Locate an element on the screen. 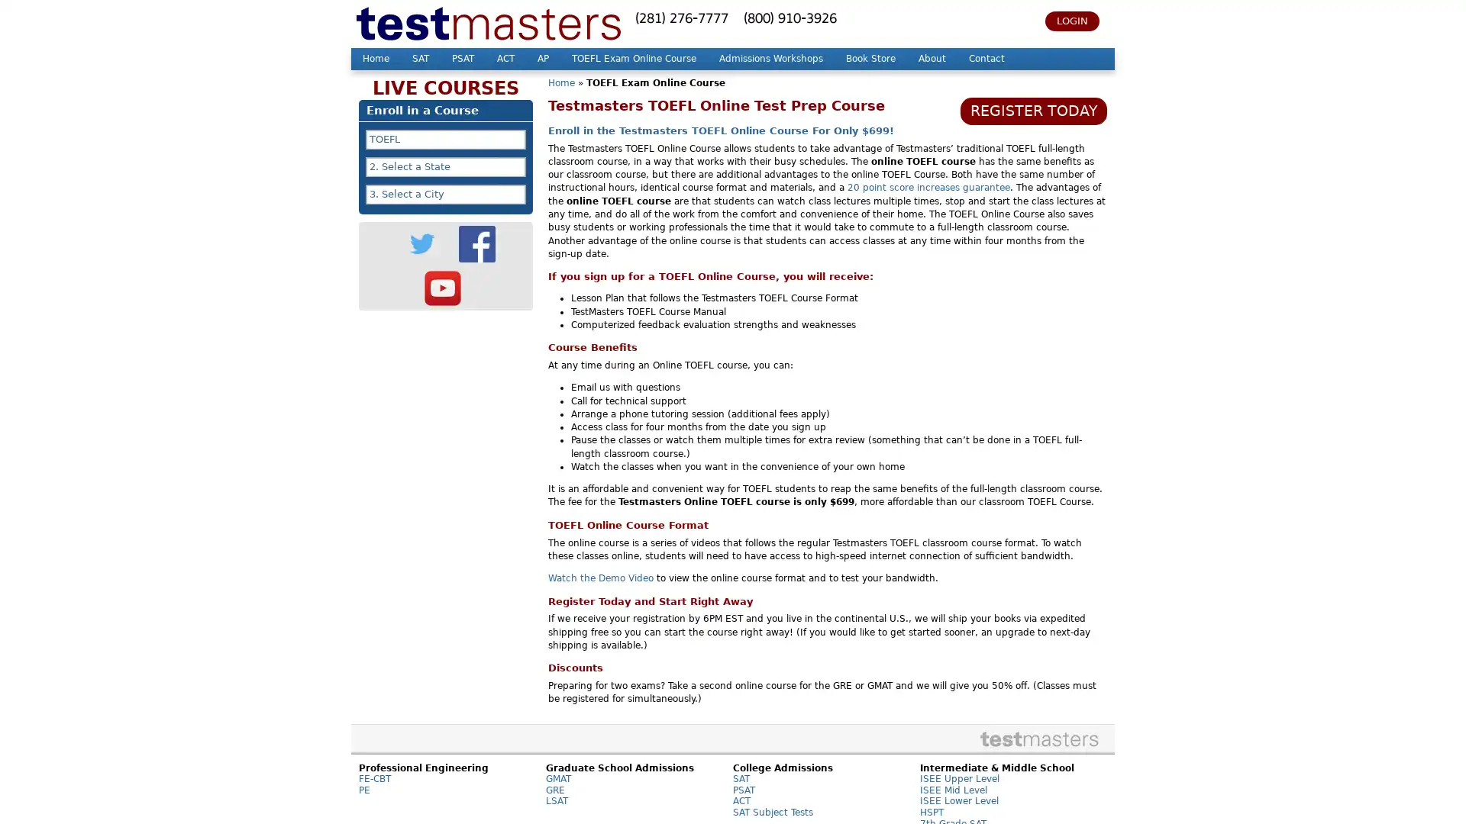 The height and width of the screenshot is (824, 1466). 2. Select a State is located at coordinates (445, 167).